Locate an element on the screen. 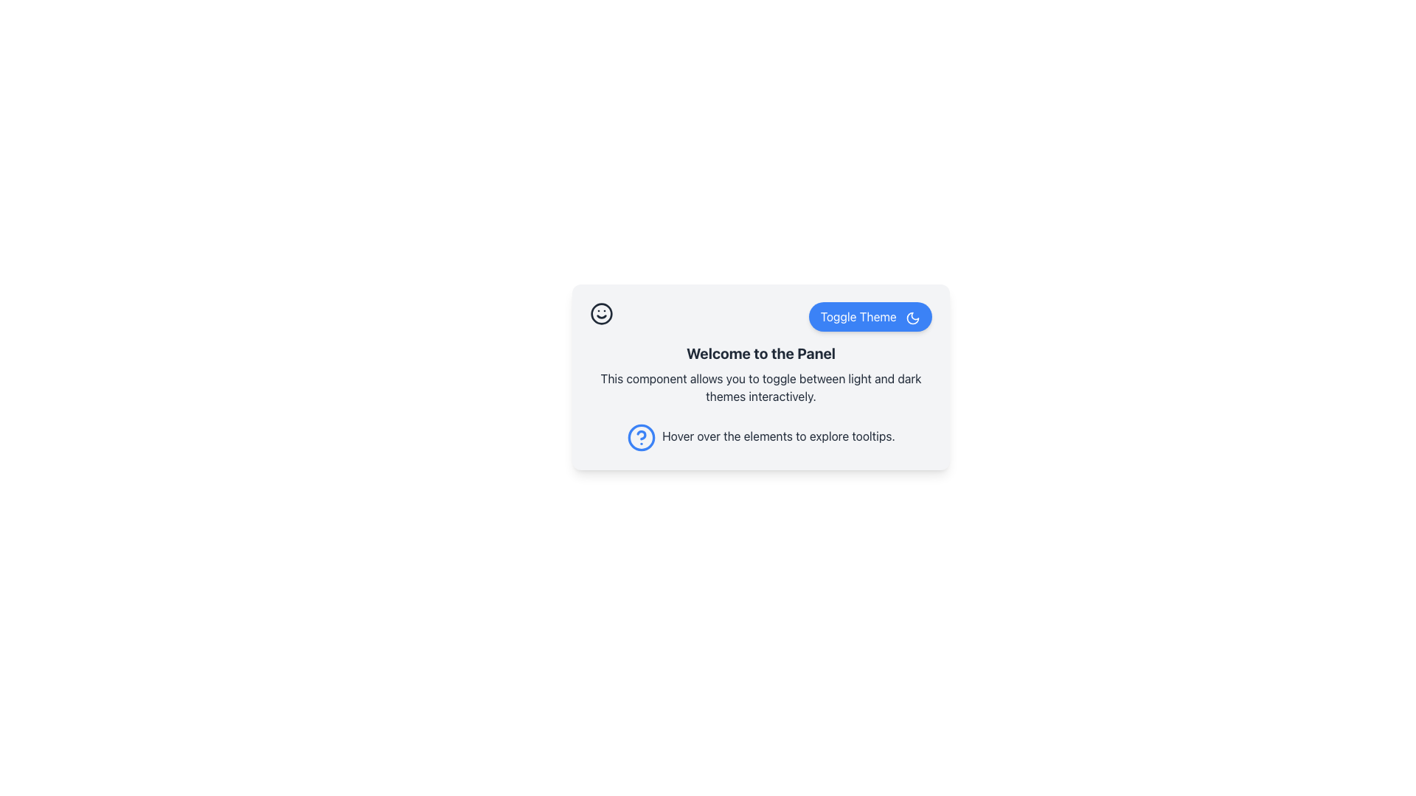 The height and width of the screenshot is (796, 1416). the theme toggle icon located next to the 'Toggle Theme' button, which switches between light and dark modes is located at coordinates (912, 317).